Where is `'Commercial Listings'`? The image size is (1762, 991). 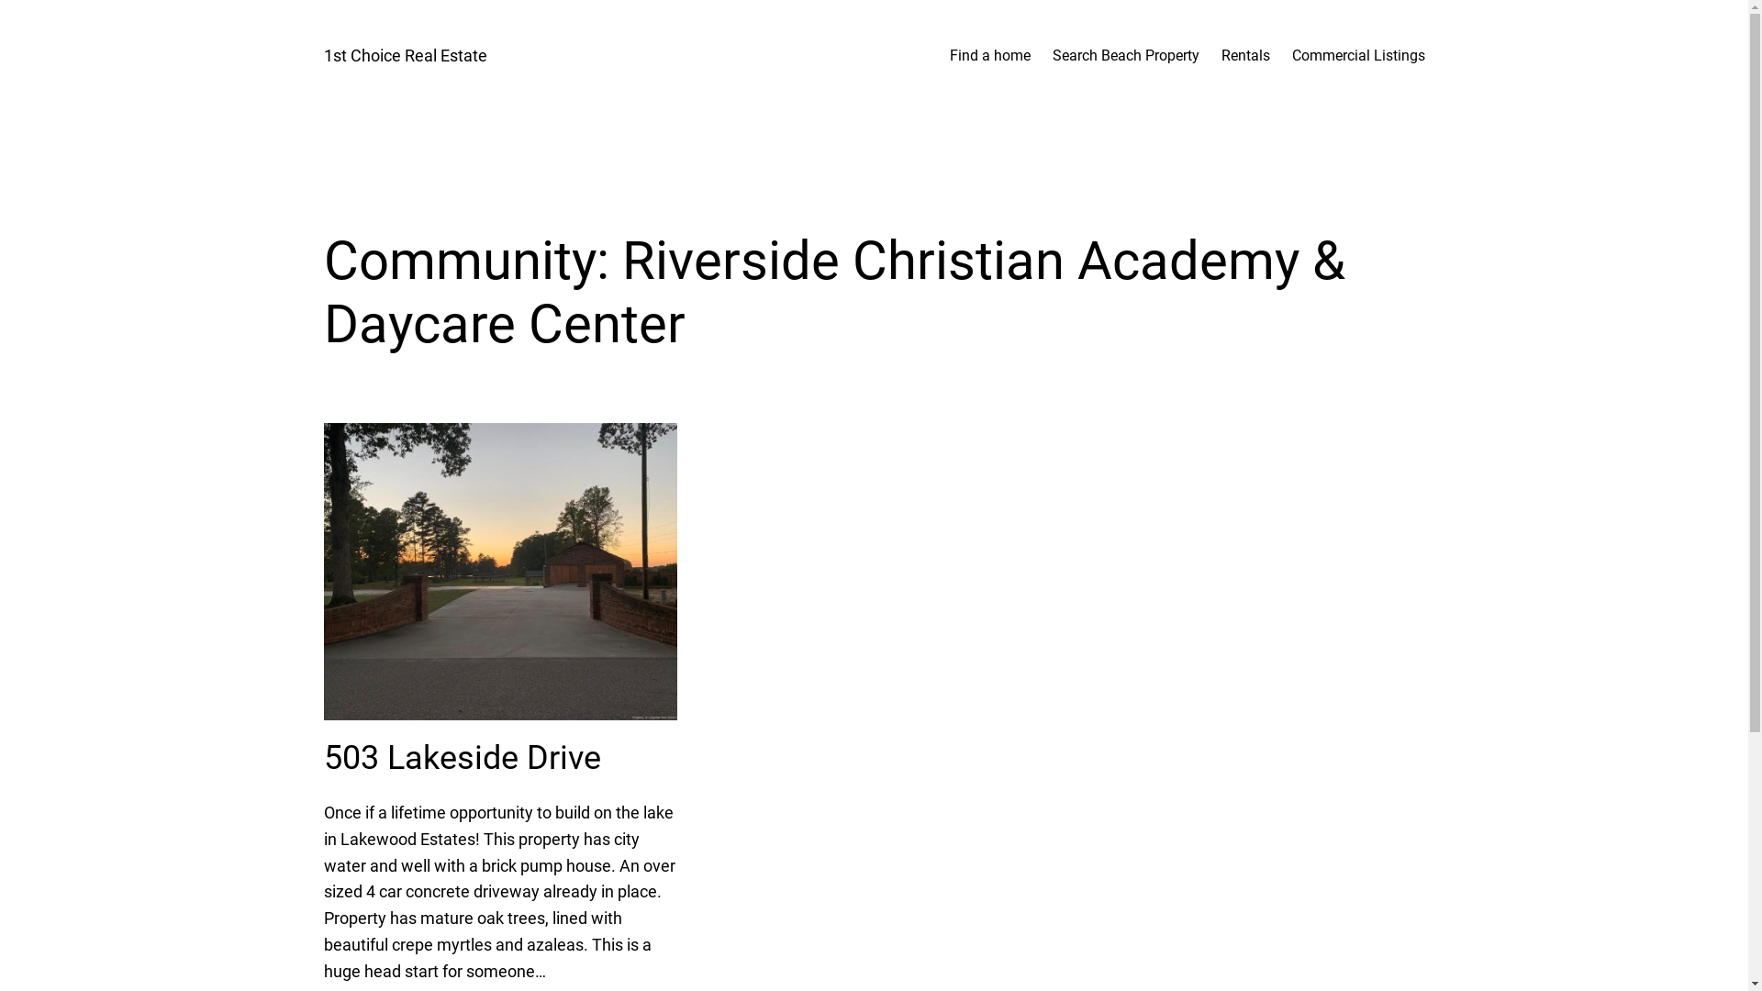
'Commercial Listings' is located at coordinates (1290, 55).